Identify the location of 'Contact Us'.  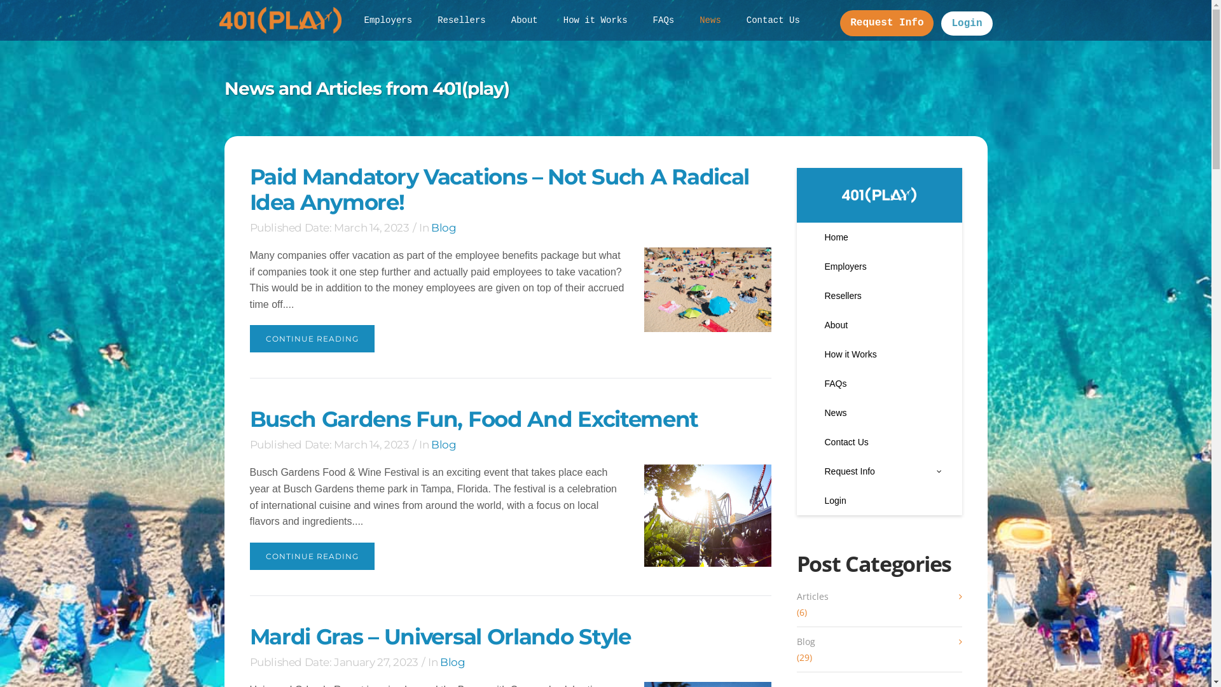
(878, 441).